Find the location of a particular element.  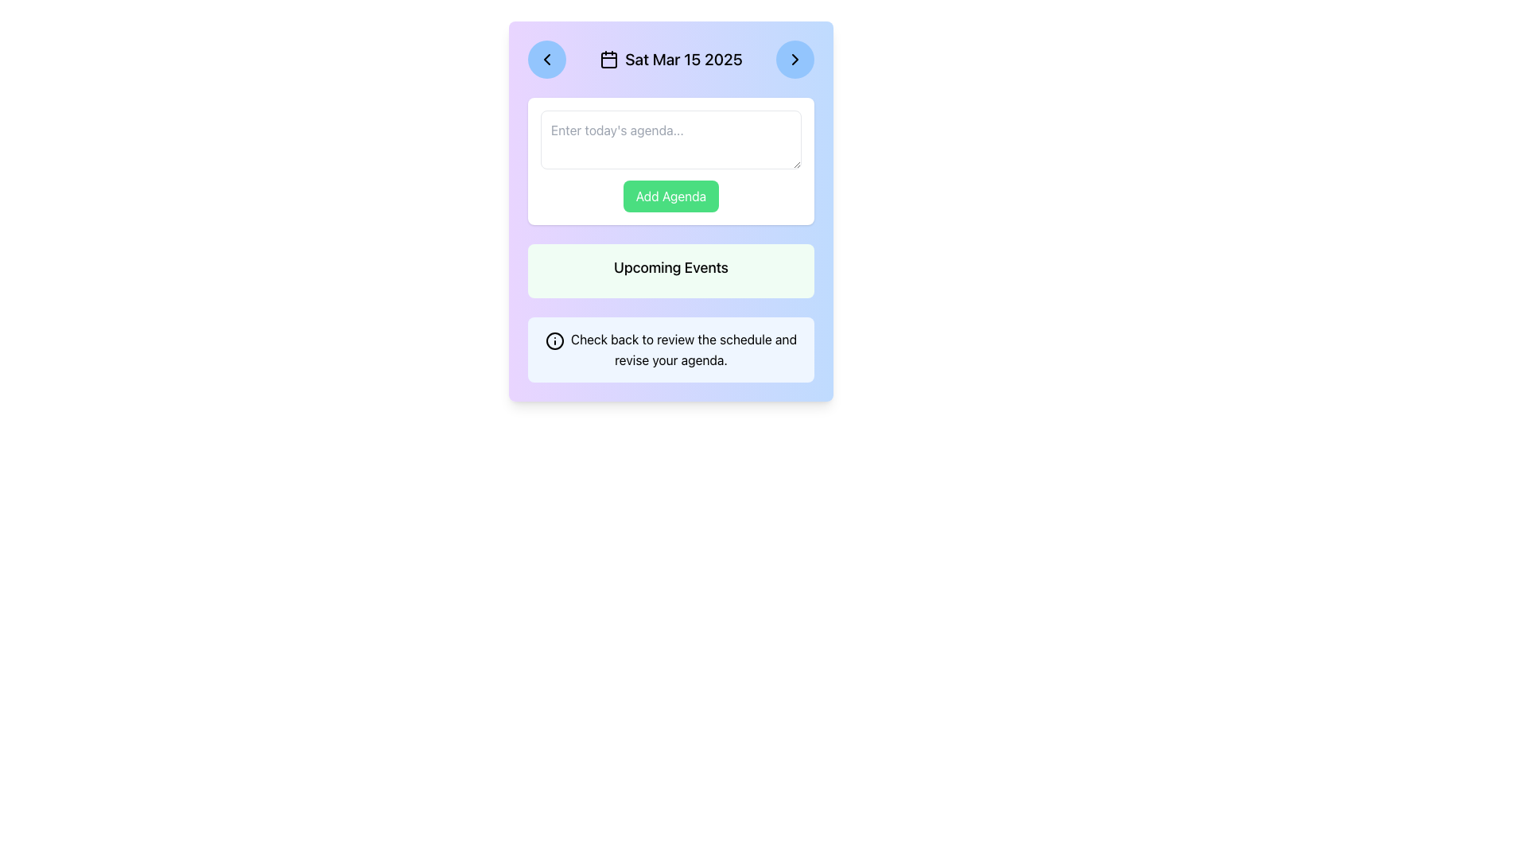

the Vector graphics - Circle element located inside the 'info' icon SVG in the notice section at the bottom of the interface is located at coordinates (554, 340).